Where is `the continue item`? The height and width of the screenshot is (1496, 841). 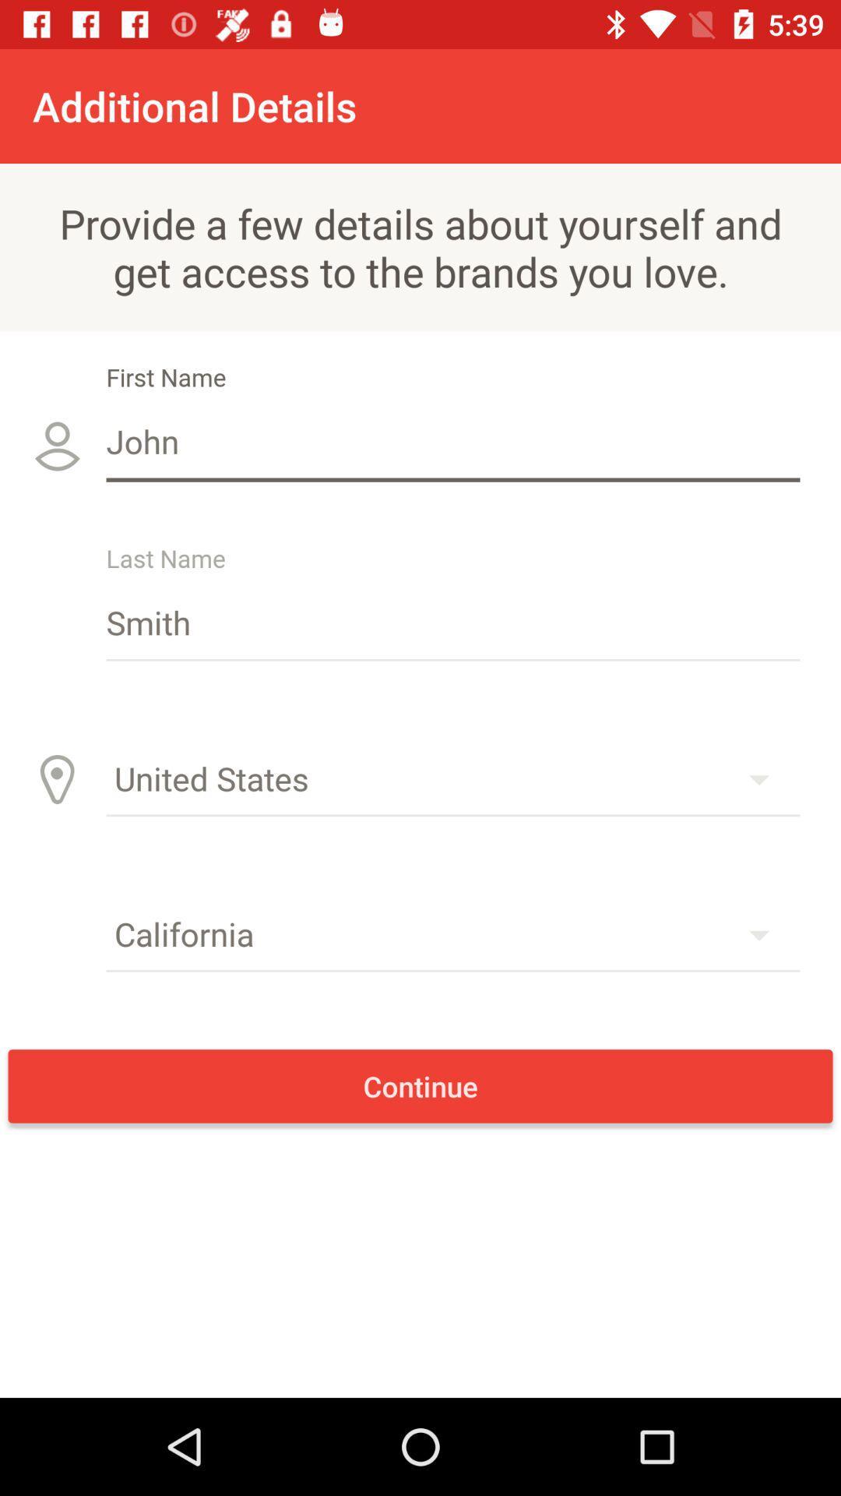 the continue item is located at coordinates (420, 1085).